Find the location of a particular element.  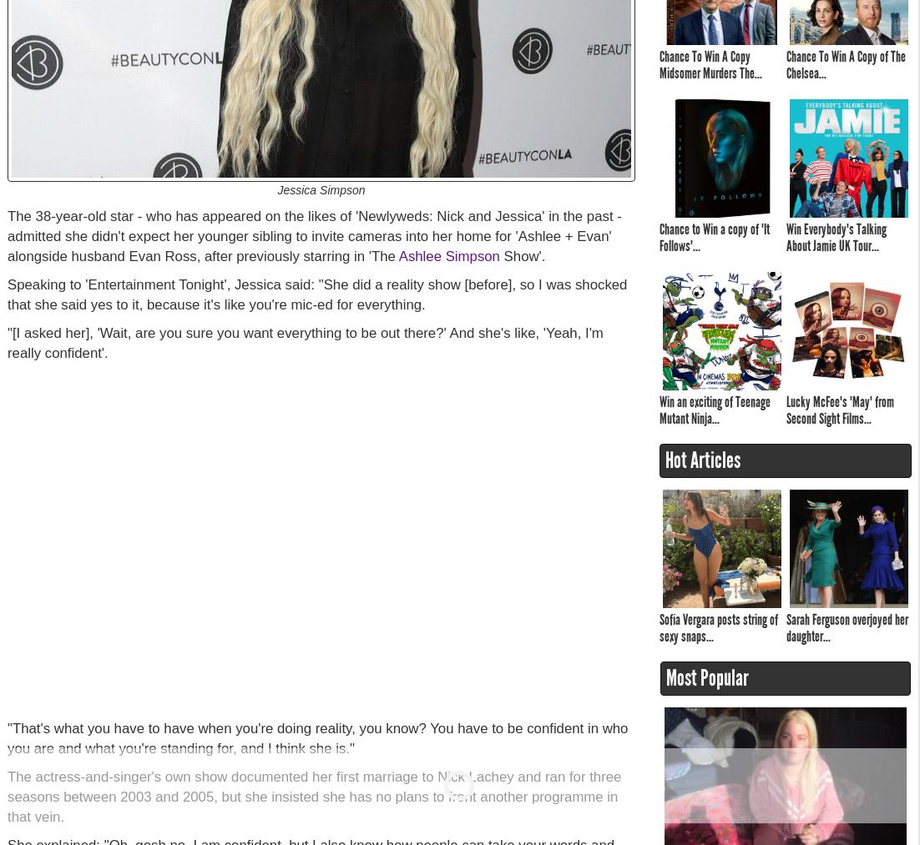

'Jessica Simpson' is located at coordinates (320, 189).